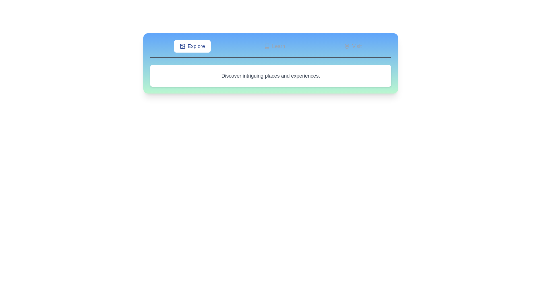  What do you see at coordinates (347, 46) in the screenshot?
I see `the appearance of the pin-shaped icon located within the 'Visit' button area on the top-right side of the horizontal menu bar` at bounding box center [347, 46].